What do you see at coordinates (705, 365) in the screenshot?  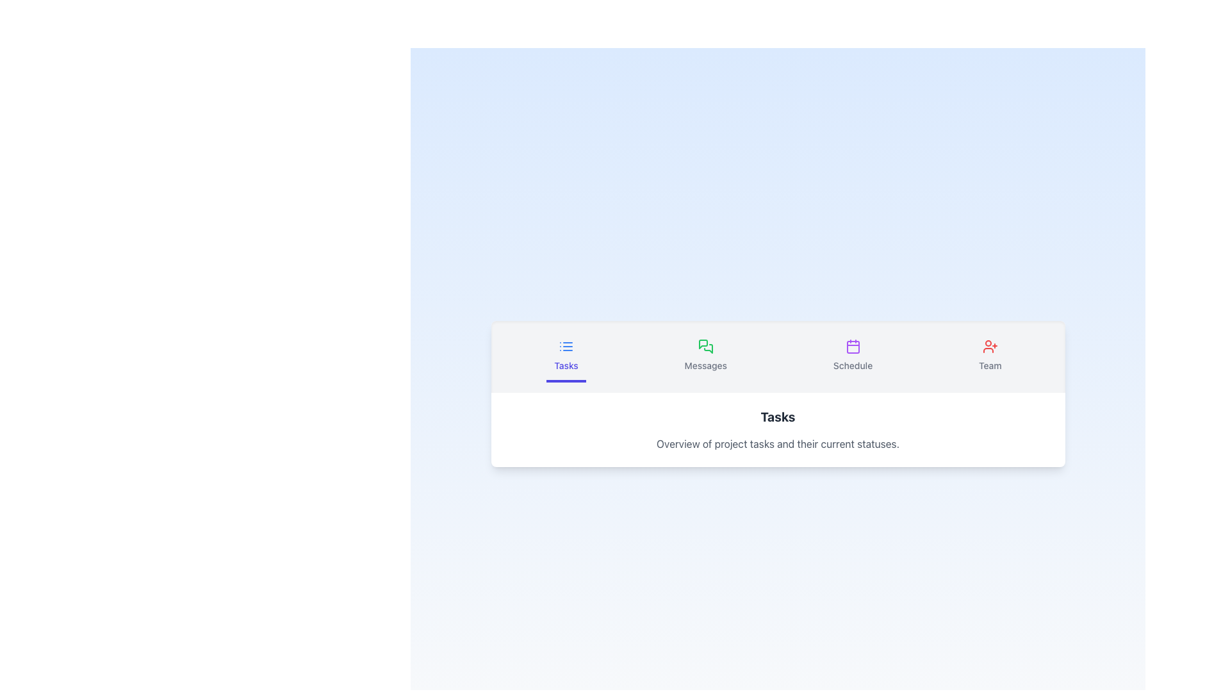 I see `the 'Messages' text label in the navigation bar, which is positioned below the speech bubble icon` at bounding box center [705, 365].